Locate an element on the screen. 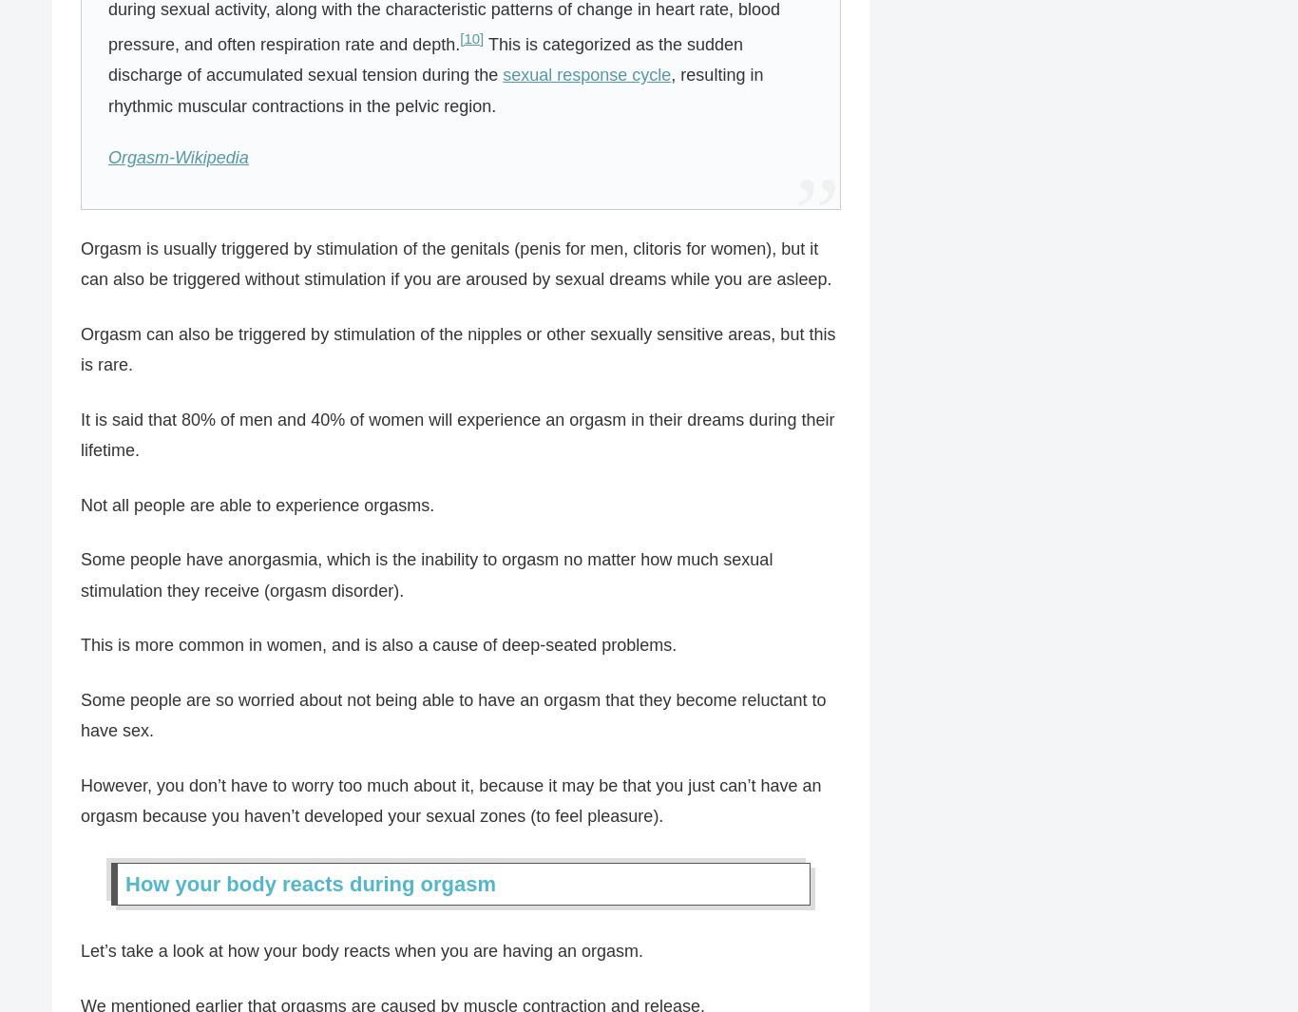  '[10]' is located at coordinates (471, 36).